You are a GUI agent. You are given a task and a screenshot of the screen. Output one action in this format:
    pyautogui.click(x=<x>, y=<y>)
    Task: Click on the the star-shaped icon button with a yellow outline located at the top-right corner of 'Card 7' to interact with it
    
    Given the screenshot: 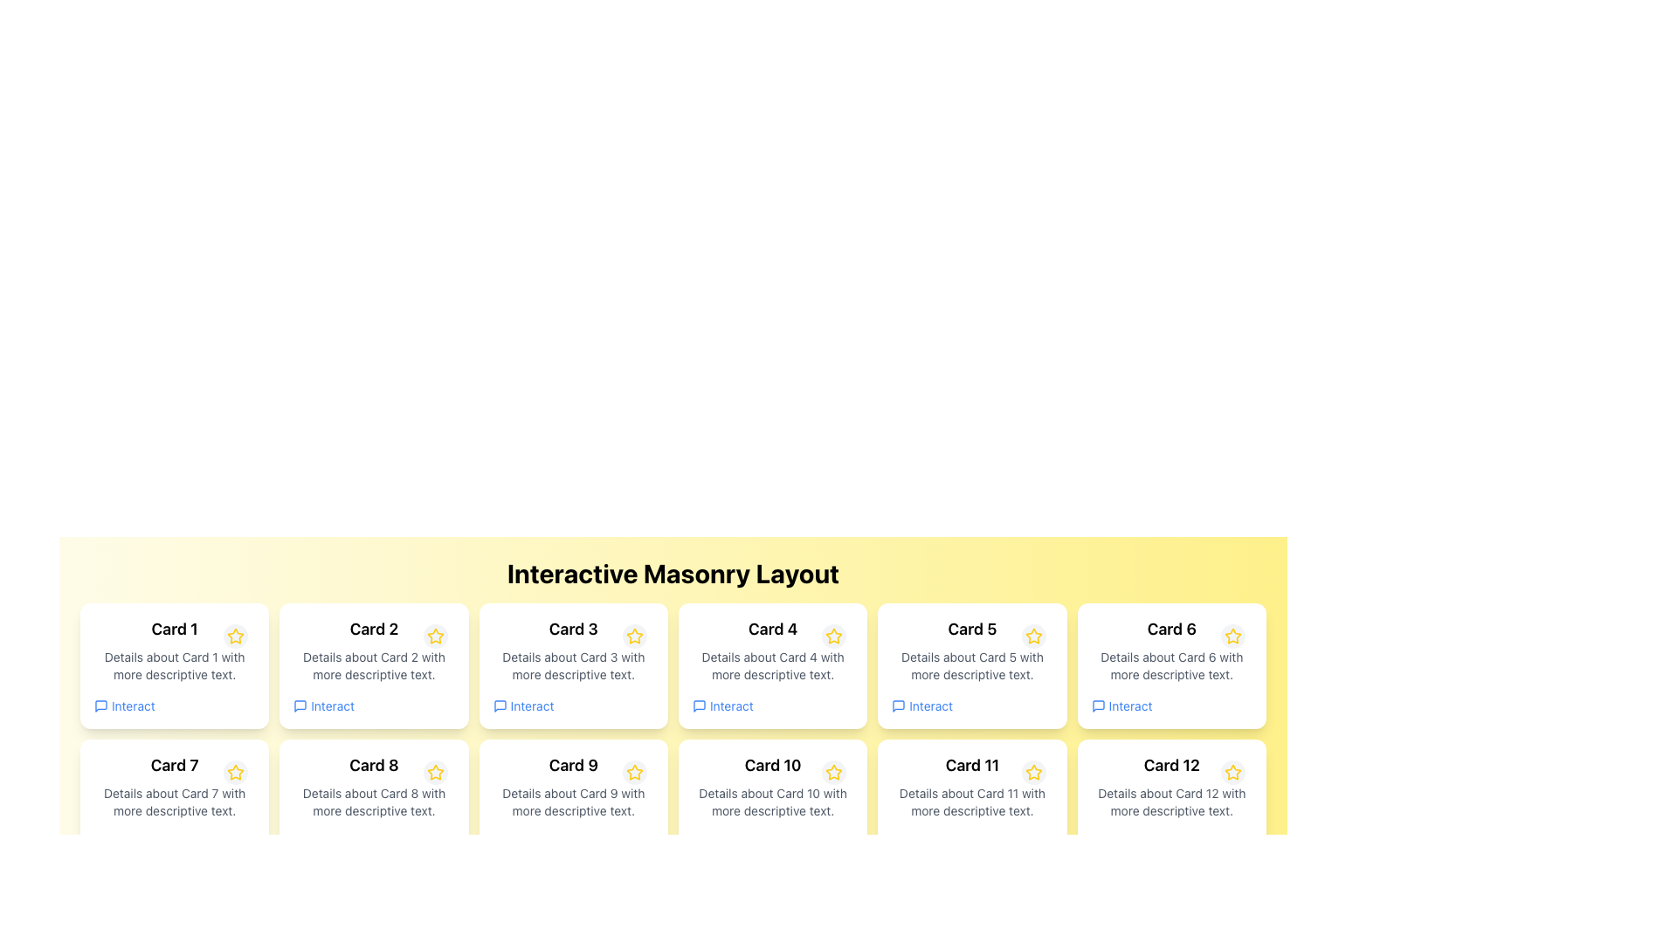 What is the action you would take?
    pyautogui.click(x=235, y=773)
    